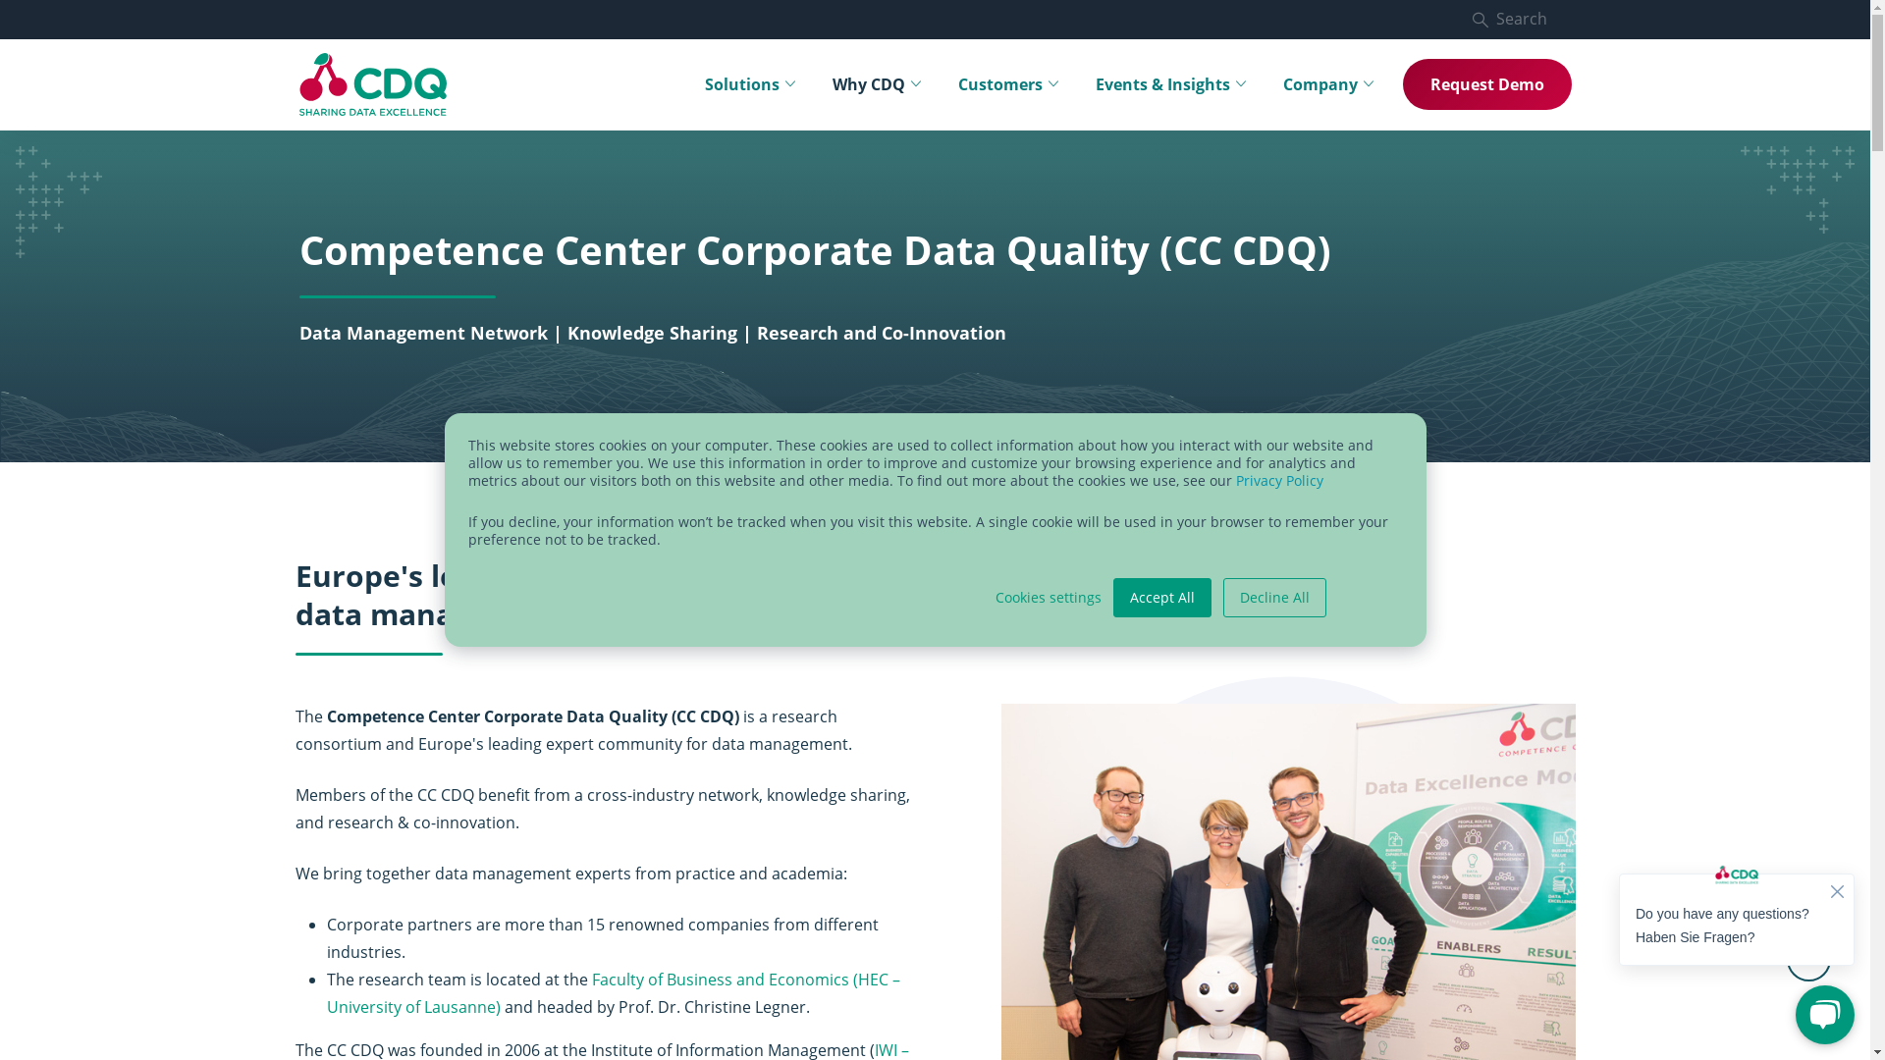  Describe the element at coordinates (1485, 82) in the screenshot. I see `'Request Demo'` at that location.